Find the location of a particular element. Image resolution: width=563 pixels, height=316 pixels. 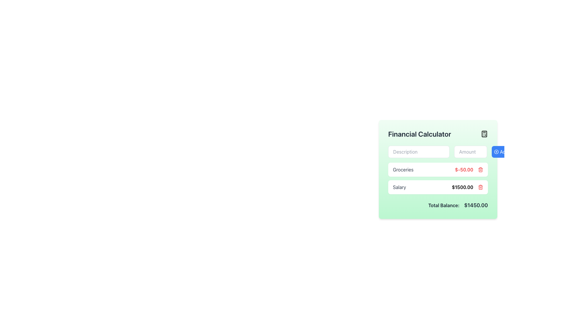

the label that indicates the financial balance, positioned to the left of the numeric value '$1450.00', located near the bottom-right corner of the layout is located at coordinates (444, 205).